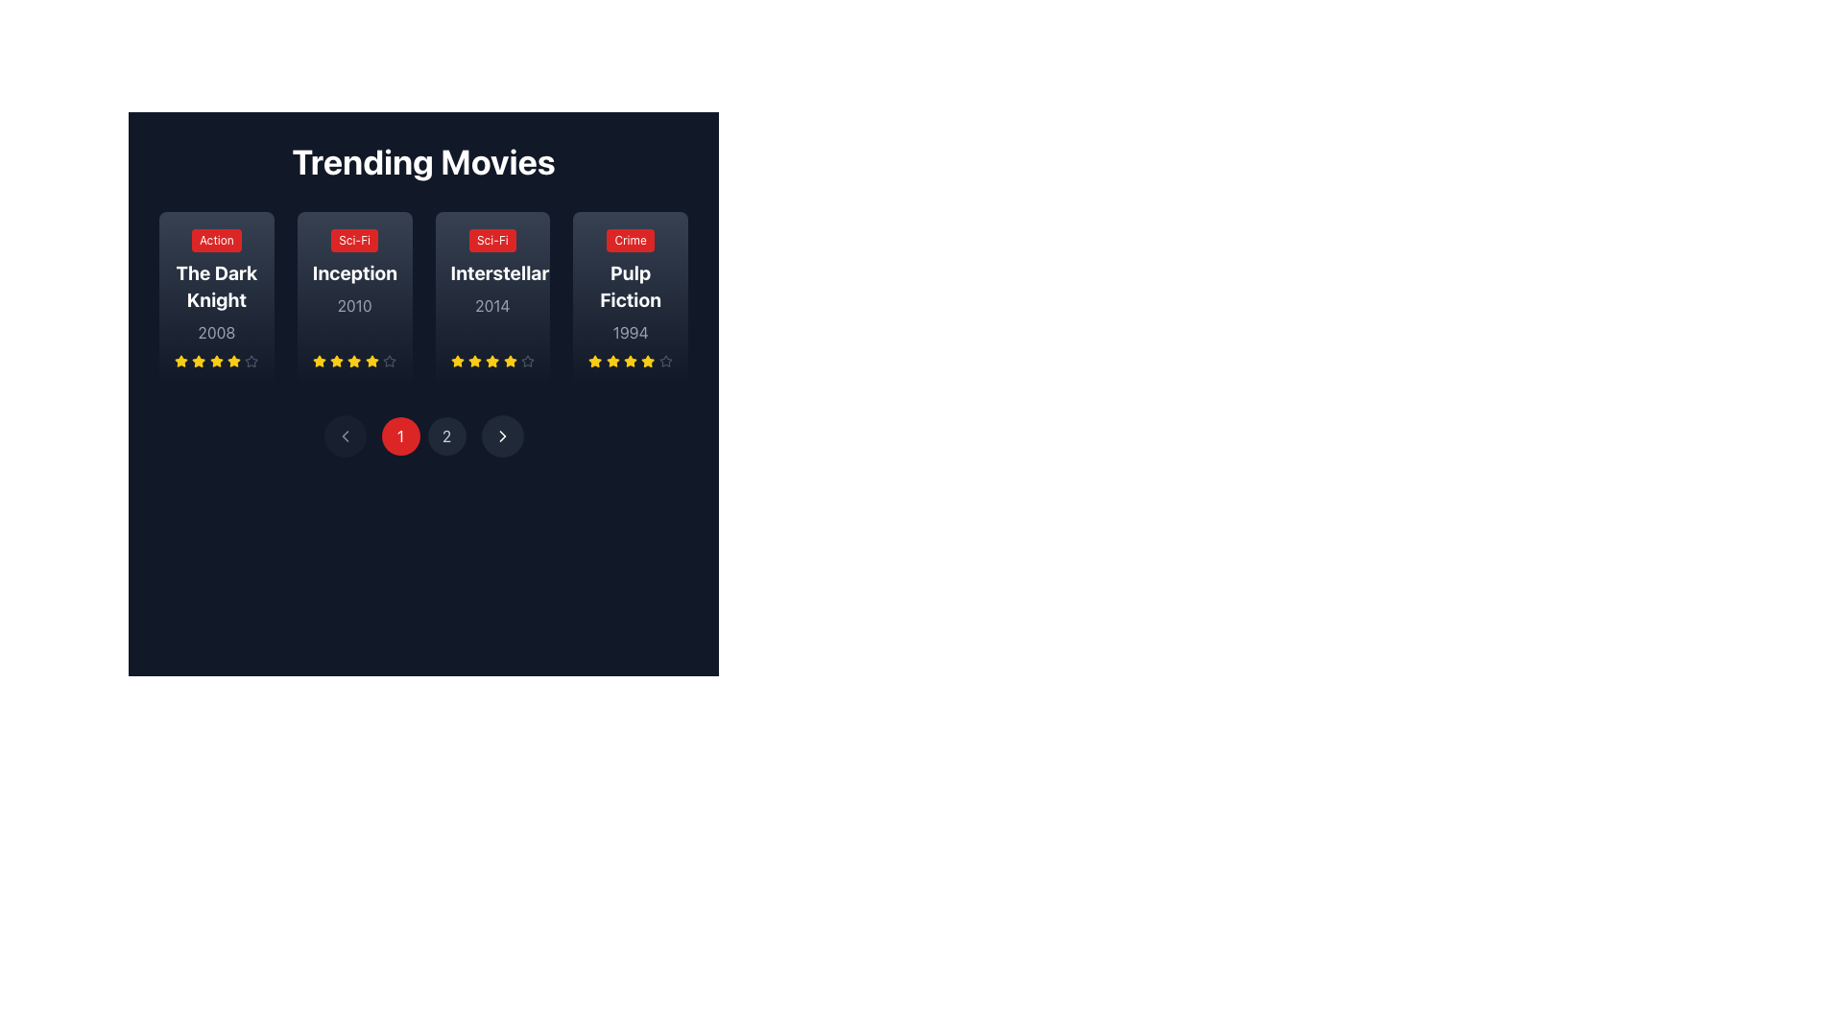  Describe the element at coordinates (611, 361) in the screenshot. I see `the third highlighted star icon in the rating system for the movie 'Pulp Fiction' located in the fourth column of the trending movies section` at that location.